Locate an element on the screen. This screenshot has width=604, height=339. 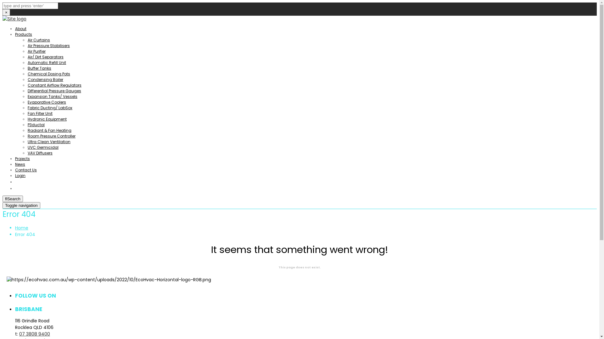
'Condensing Boiler' is located at coordinates (45, 79).